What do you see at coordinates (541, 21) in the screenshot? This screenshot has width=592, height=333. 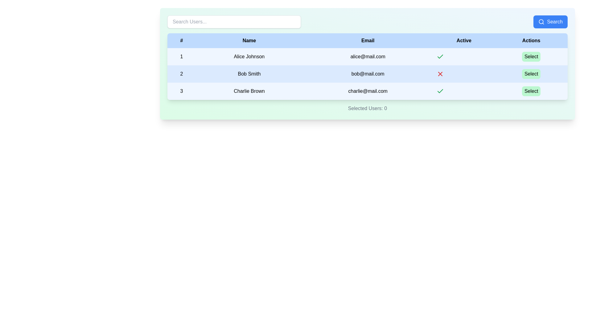 I see `the 'Search' button that contains the magnifying glass icon located at the top-right corner of the interface` at bounding box center [541, 21].